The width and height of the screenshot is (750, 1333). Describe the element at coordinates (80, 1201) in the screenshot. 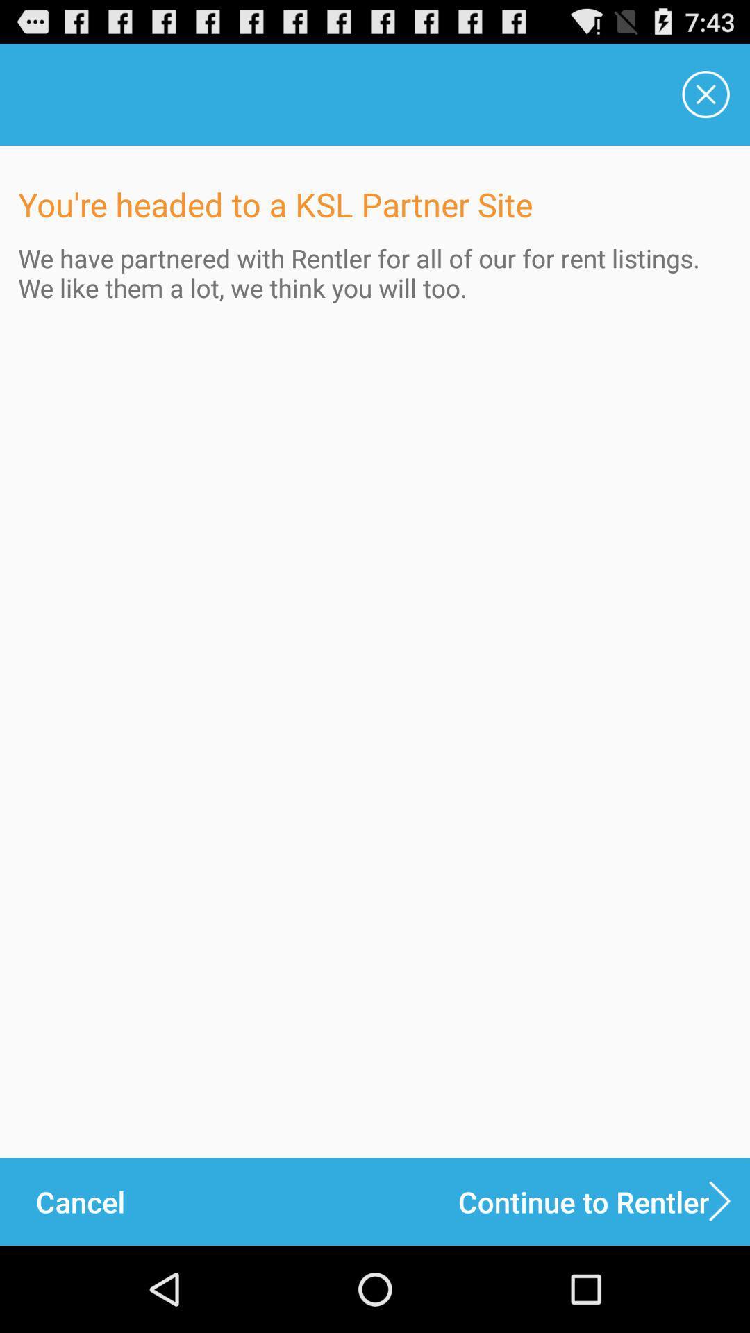

I see `the cancel` at that location.